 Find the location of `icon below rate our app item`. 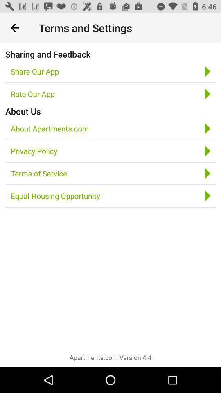

icon below rate our app item is located at coordinates (23, 111).